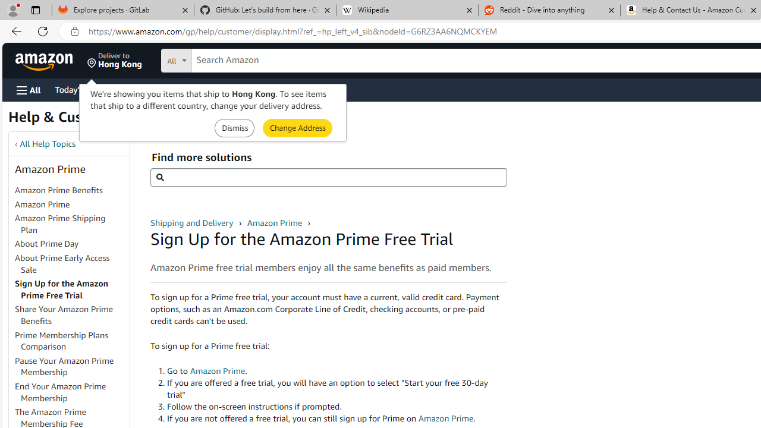  I want to click on 'End Your Amazon Prime Membership', so click(71, 392).